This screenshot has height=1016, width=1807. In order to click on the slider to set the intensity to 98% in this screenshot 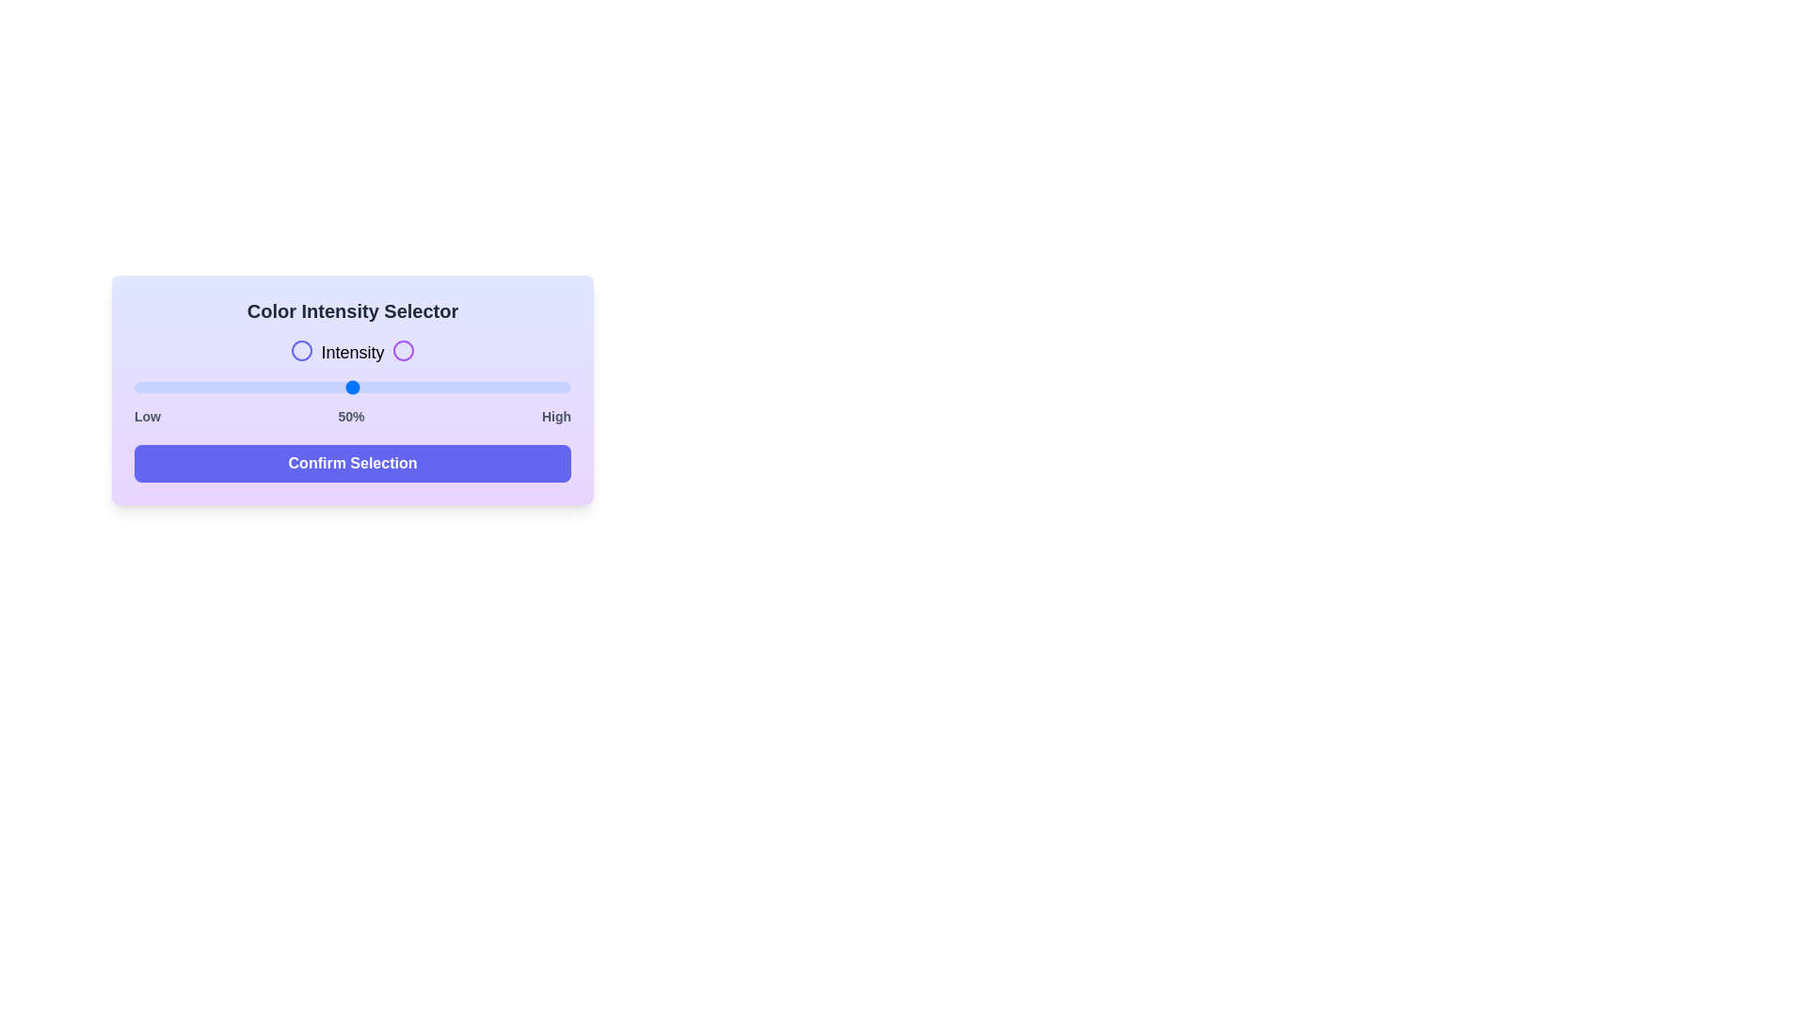, I will do `click(561, 387)`.